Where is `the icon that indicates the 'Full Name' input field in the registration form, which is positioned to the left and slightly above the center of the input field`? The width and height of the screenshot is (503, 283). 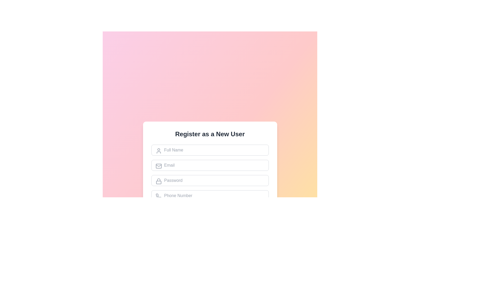 the icon that indicates the 'Full Name' input field in the registration form, which is positioned to the left and slightly above the center of the input field is located at coordinates (158, 151).